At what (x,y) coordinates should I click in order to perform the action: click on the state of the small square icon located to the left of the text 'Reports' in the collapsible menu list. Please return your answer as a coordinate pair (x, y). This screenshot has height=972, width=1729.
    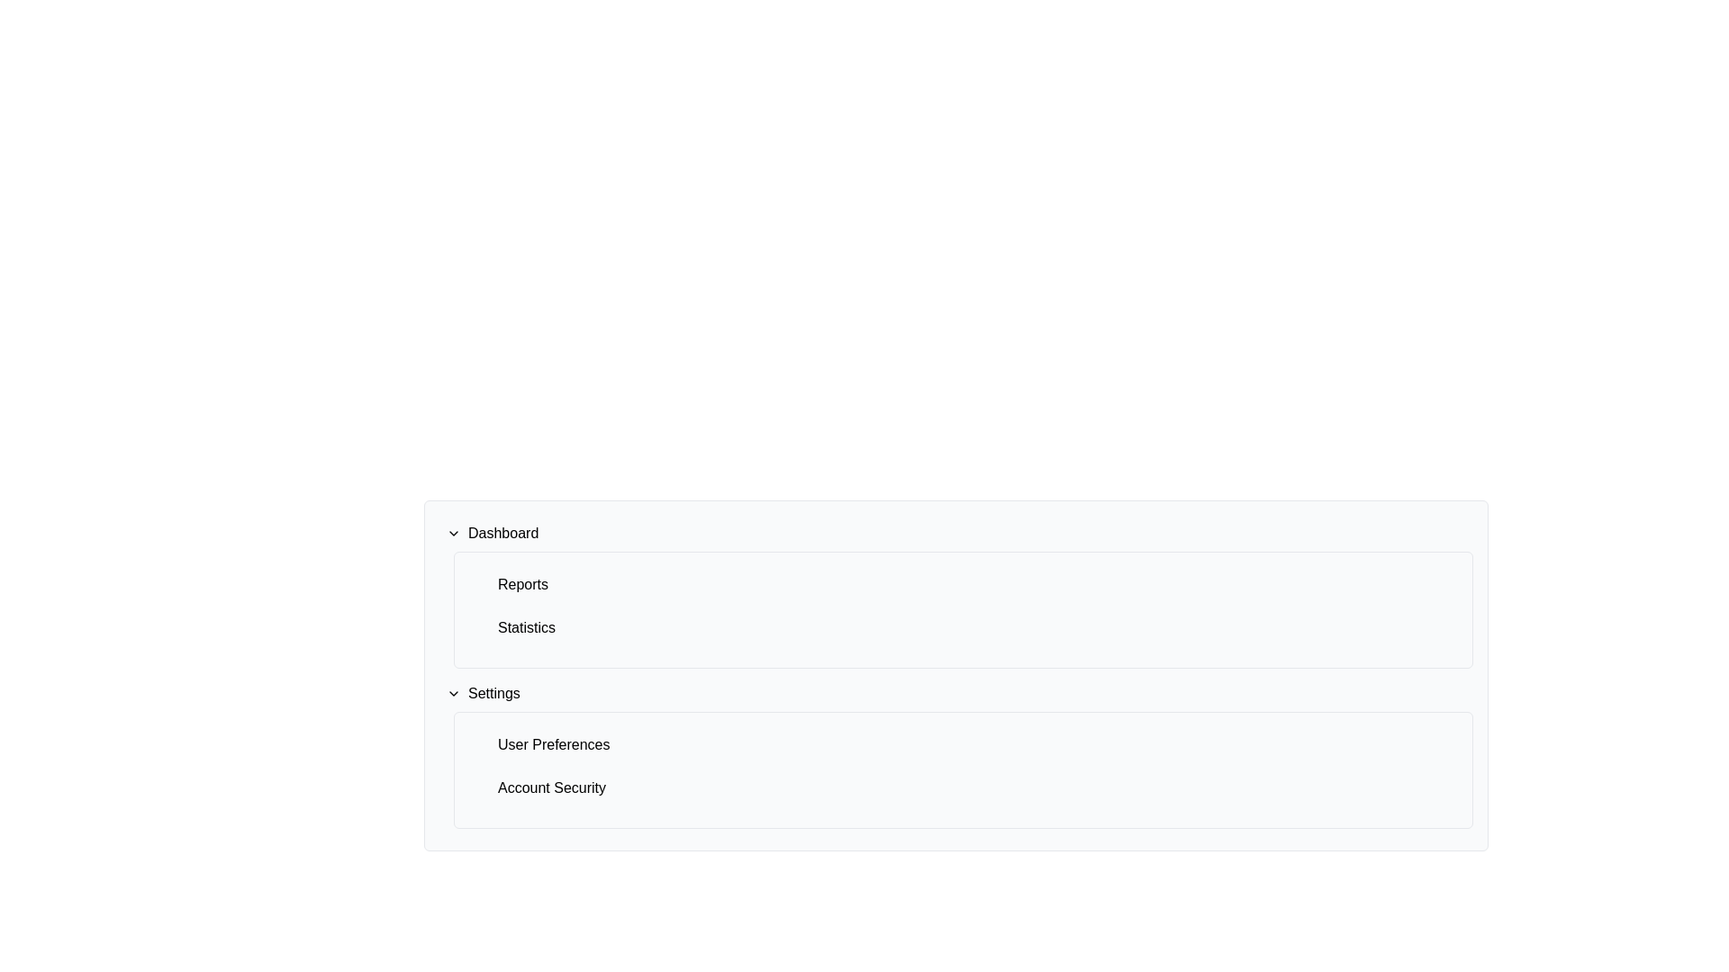
    Looking at the image, I should click on (484, 585).